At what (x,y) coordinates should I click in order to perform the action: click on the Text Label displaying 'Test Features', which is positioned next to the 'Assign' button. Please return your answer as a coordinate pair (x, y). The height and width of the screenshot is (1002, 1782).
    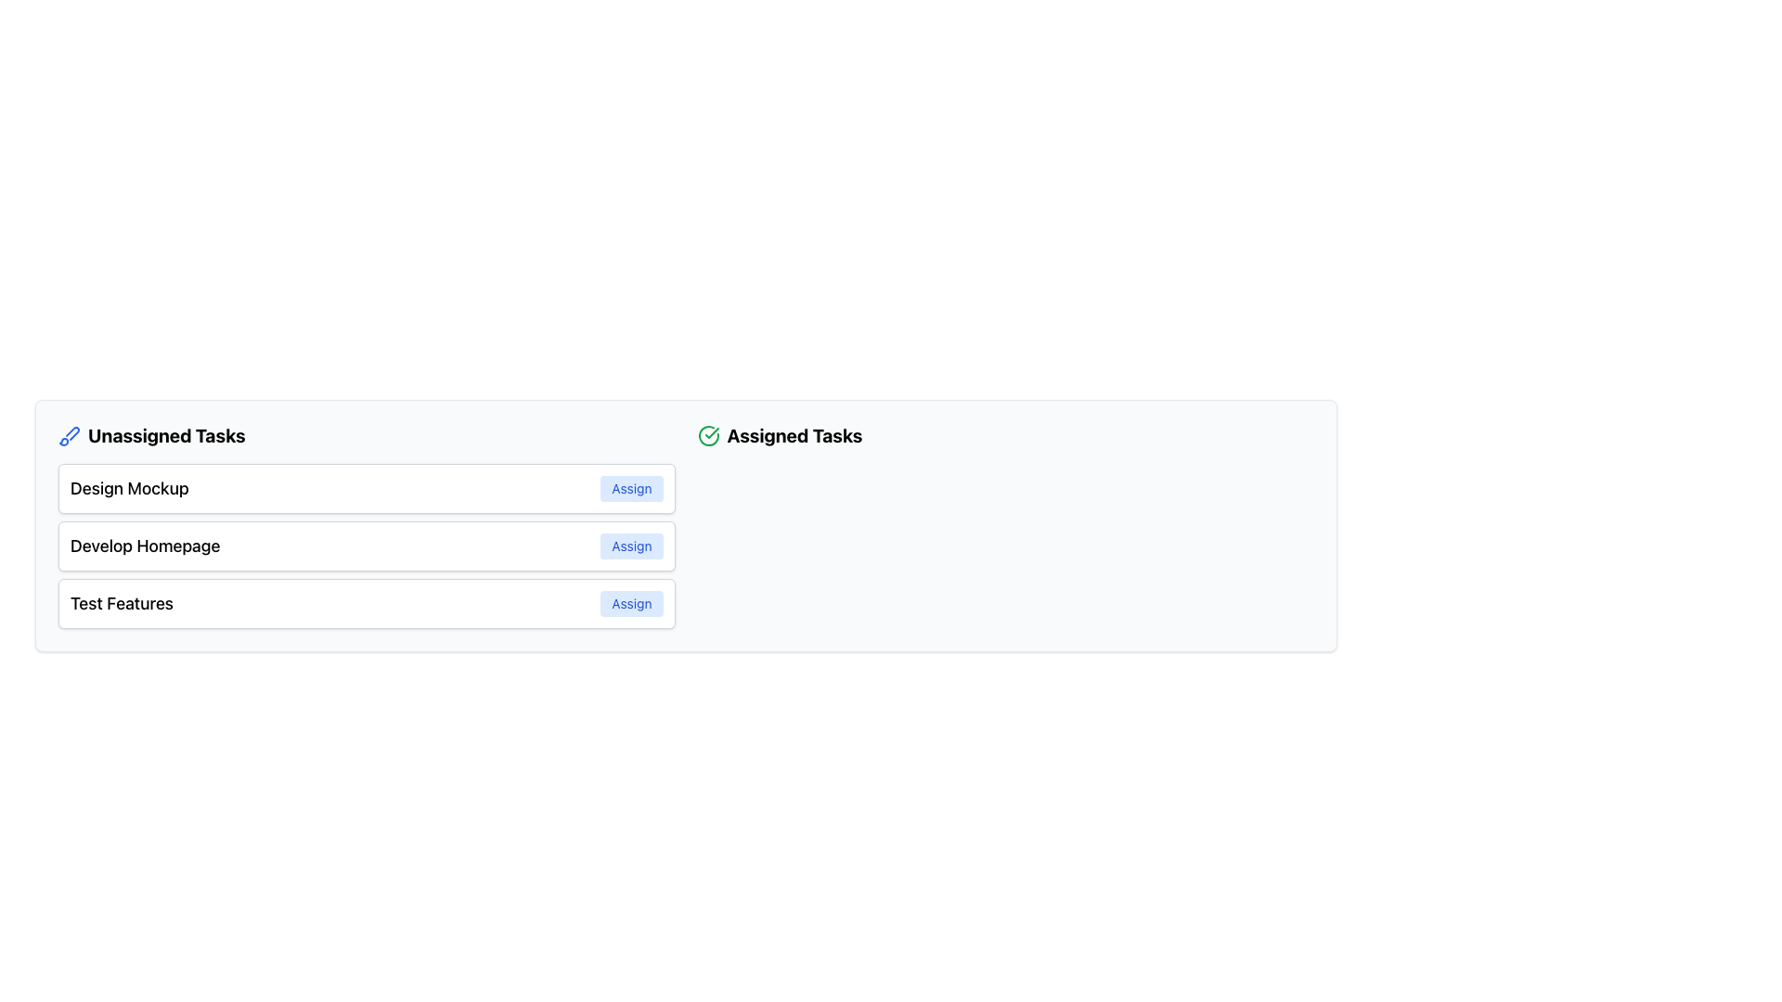
    Looking at the image, I should click on (121, 604).